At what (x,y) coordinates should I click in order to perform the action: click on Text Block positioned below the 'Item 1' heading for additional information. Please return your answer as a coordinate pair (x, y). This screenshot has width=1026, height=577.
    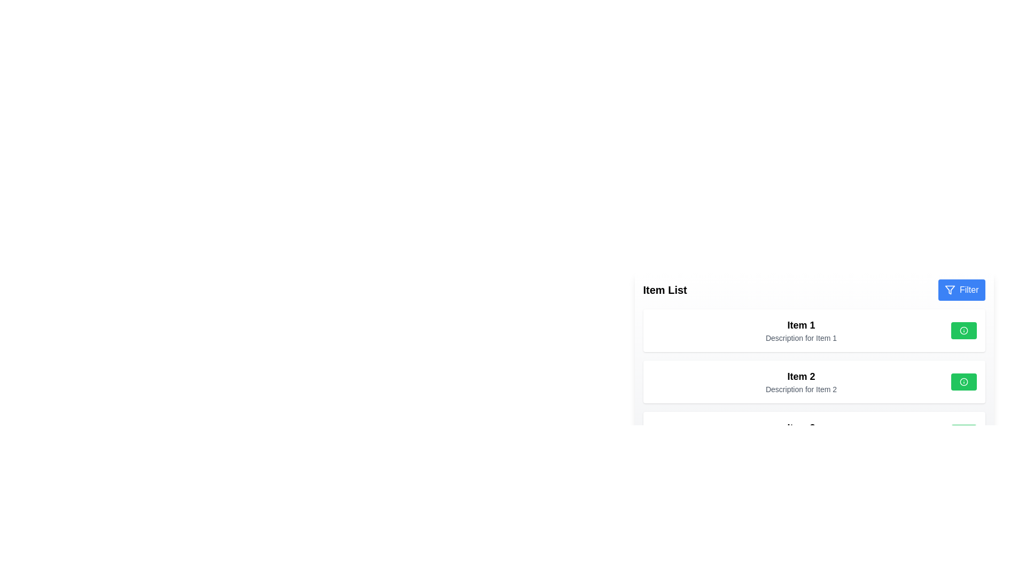
    Looking at the image, I should click on (801, 338).